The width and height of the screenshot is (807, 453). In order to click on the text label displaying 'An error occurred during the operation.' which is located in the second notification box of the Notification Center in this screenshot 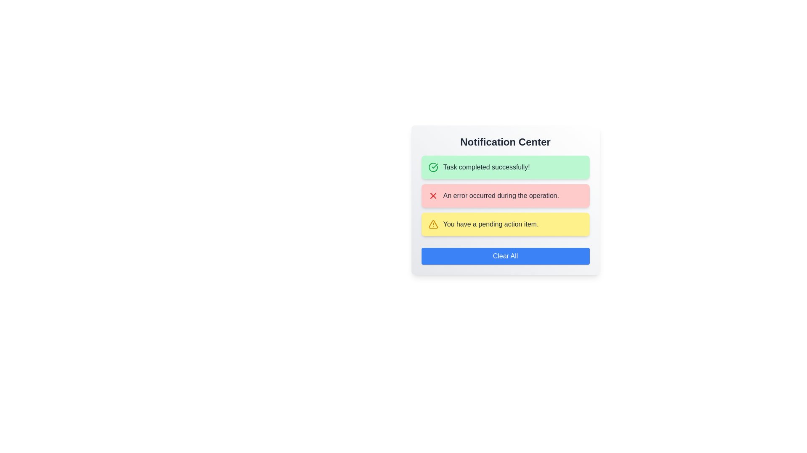, I will do `click(501, 195)`.